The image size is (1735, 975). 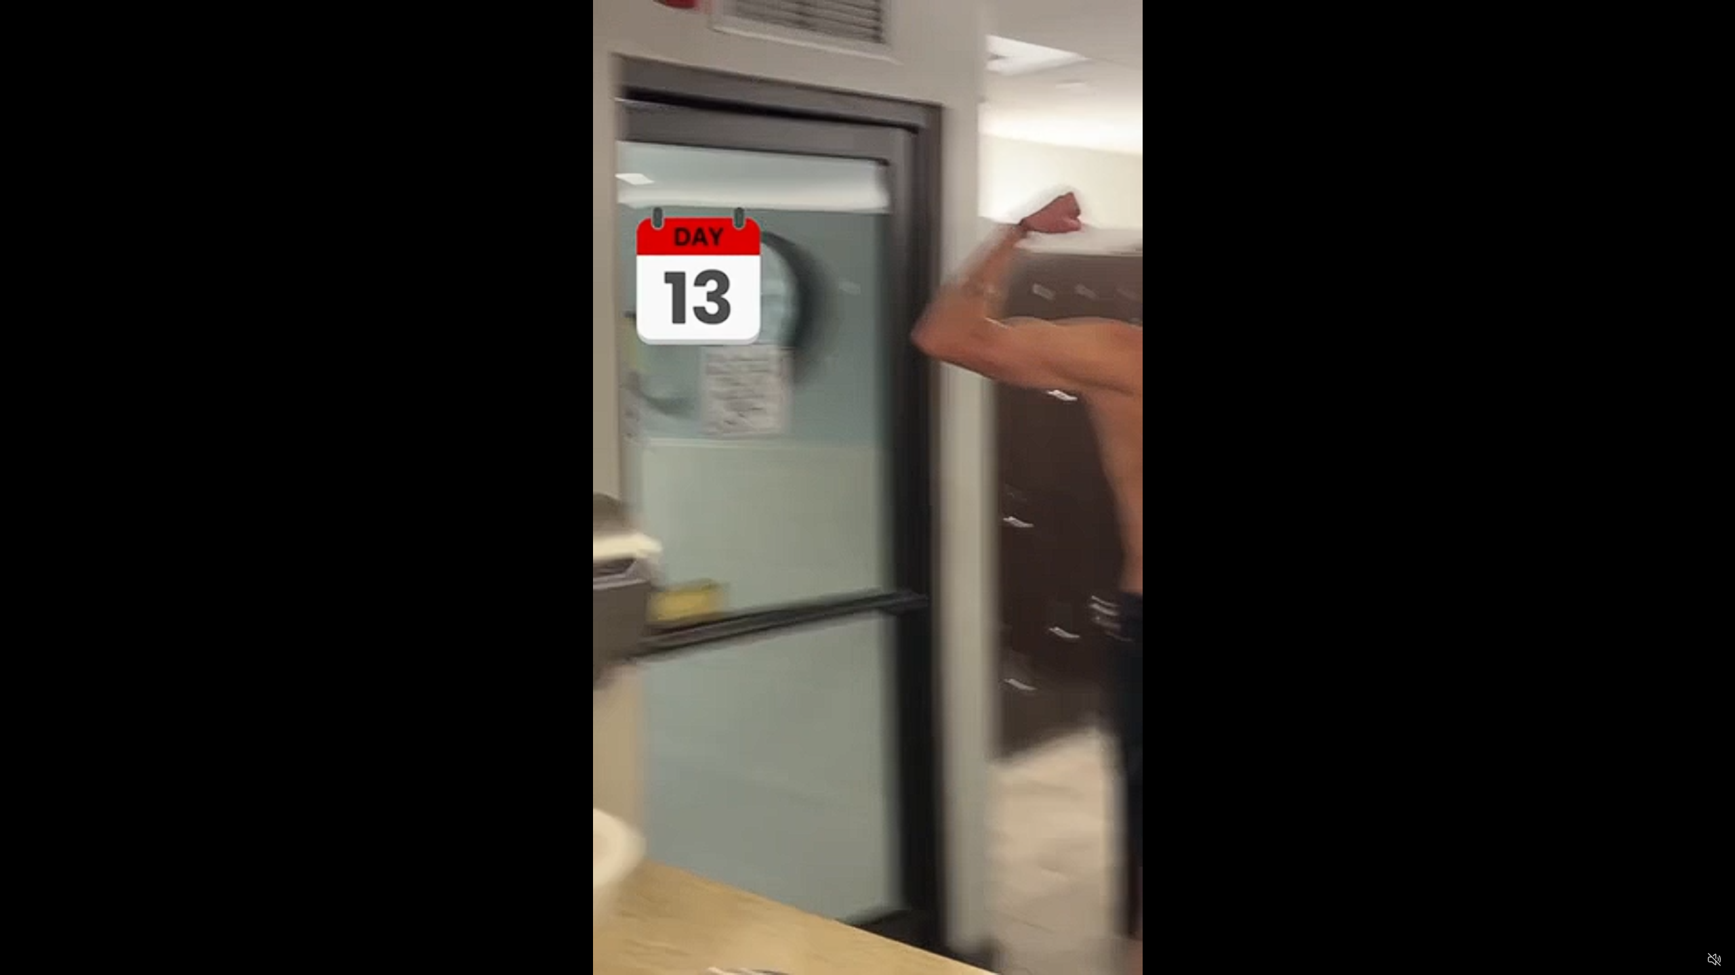 What do you see at coordinates (1633, 959) in the screenshot?
I see `'Quality Settings'` at bounding box center [1633, 959].